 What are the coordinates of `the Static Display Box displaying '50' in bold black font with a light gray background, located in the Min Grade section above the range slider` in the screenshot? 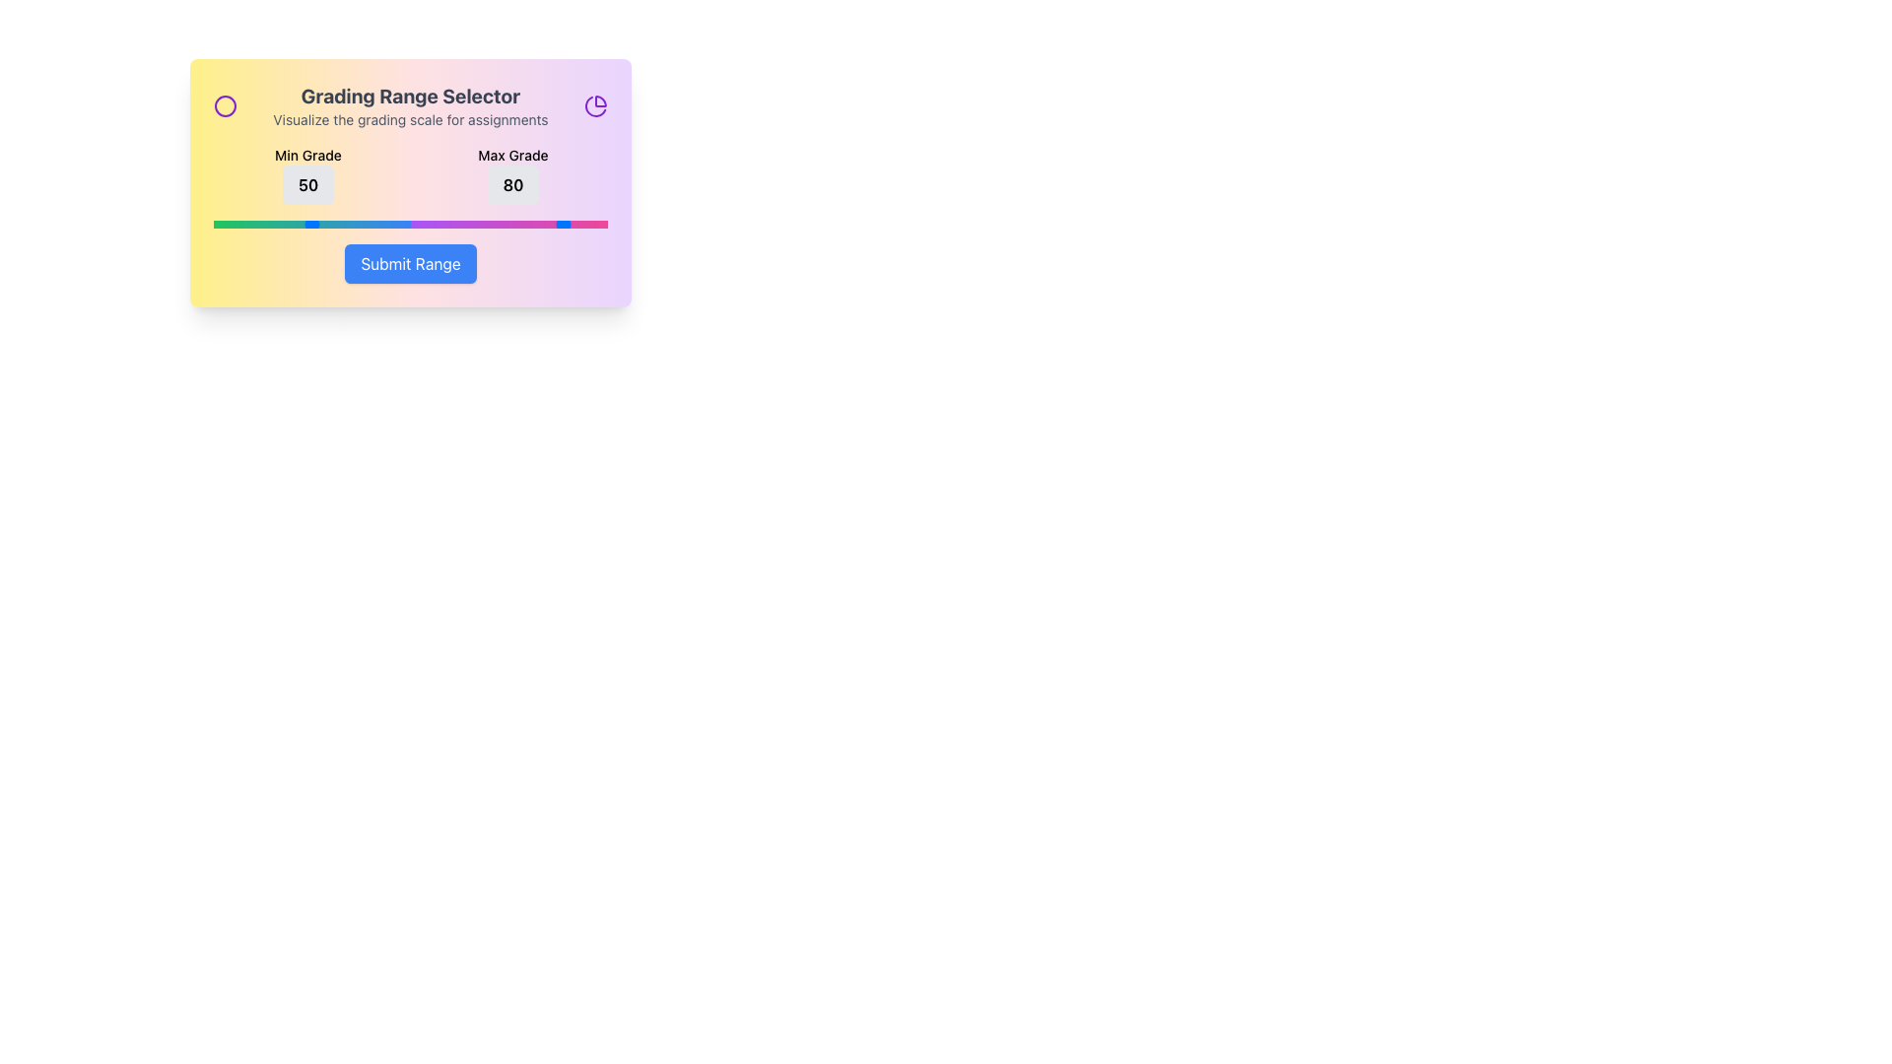 It's located at (306, 185).